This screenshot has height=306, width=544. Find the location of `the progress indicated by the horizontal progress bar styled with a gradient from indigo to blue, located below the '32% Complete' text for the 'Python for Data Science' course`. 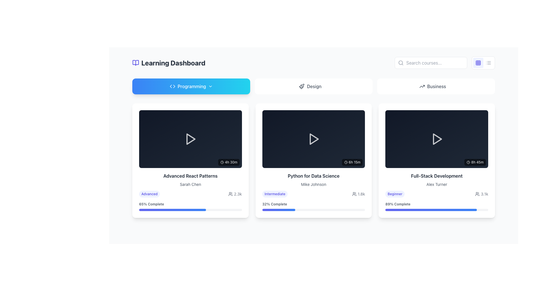

the progress indicated by the horizontal progress bar styled with a gradient from indigo to blue, located below the '32% Complete' text for the 'Python for Data Science' course is located at coordinates (313, 210).